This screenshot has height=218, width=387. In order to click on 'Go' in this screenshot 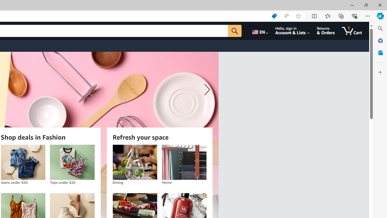, I will do `click(234, 31)`.